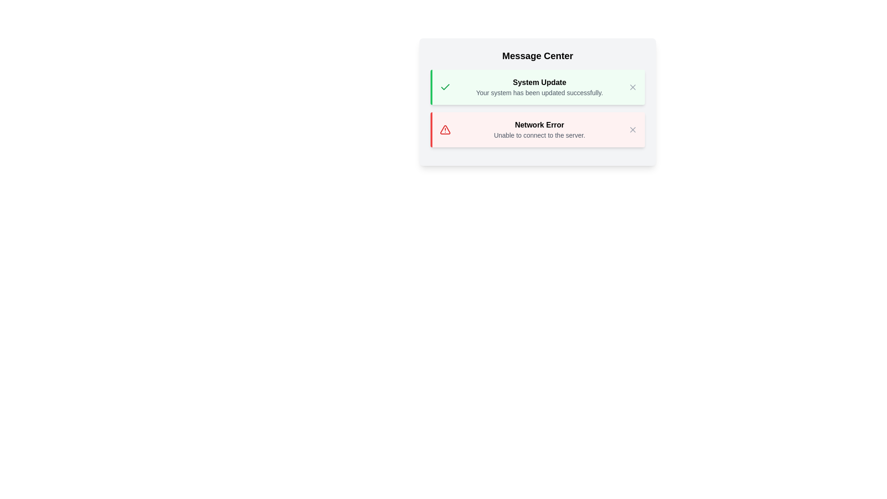  Describe the element at coordinates (445, 87) in the screenshot. I see `the small, green checkmark icon located in the top-left corner of the green notification box, which signifies a positive outcome or success` at that location.